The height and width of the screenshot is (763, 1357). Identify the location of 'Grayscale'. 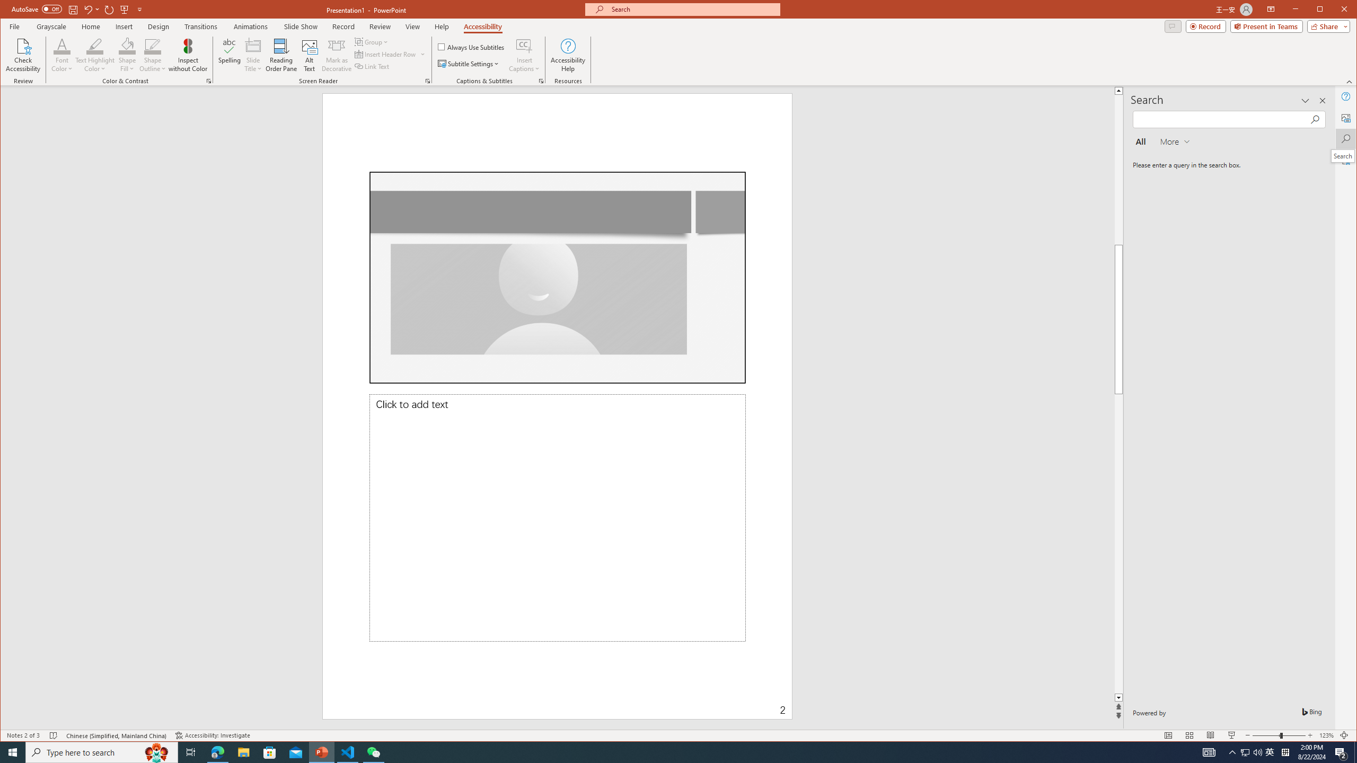
(51, 26).